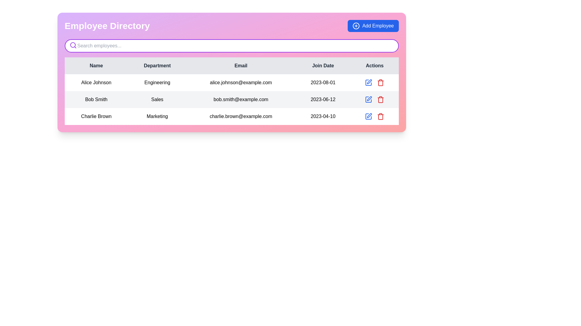  I want to click on the circular outline with a plus sign, which is part of the 'Add Employee' button located in the top-right corner of the interface, so click(356, 25).